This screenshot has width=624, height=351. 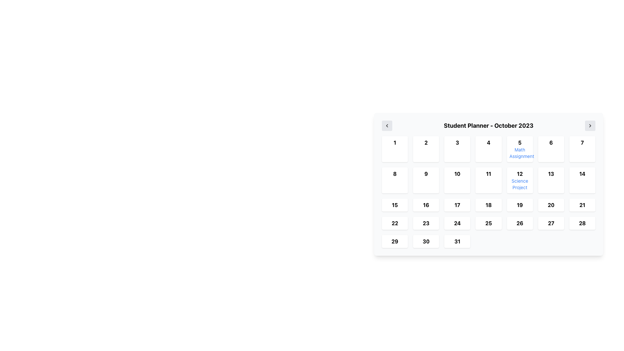 I want to click on the square-shaped button with a light gray background and a right-facing black chevron icon located in the top-right corner of the 'Student Planner - October 2023' component, so click(x=590, y=125).